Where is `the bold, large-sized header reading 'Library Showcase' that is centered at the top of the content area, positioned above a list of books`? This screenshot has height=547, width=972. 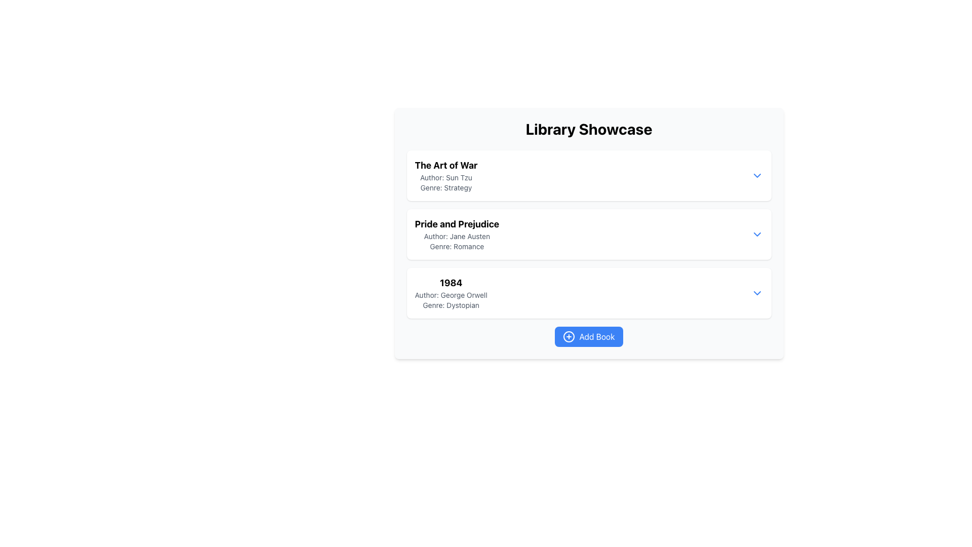 the bold, large-sized header reading 'Library Showcase' that is centered at the top of the content area, positioned above a list of books is located at coordinates (589, 128).